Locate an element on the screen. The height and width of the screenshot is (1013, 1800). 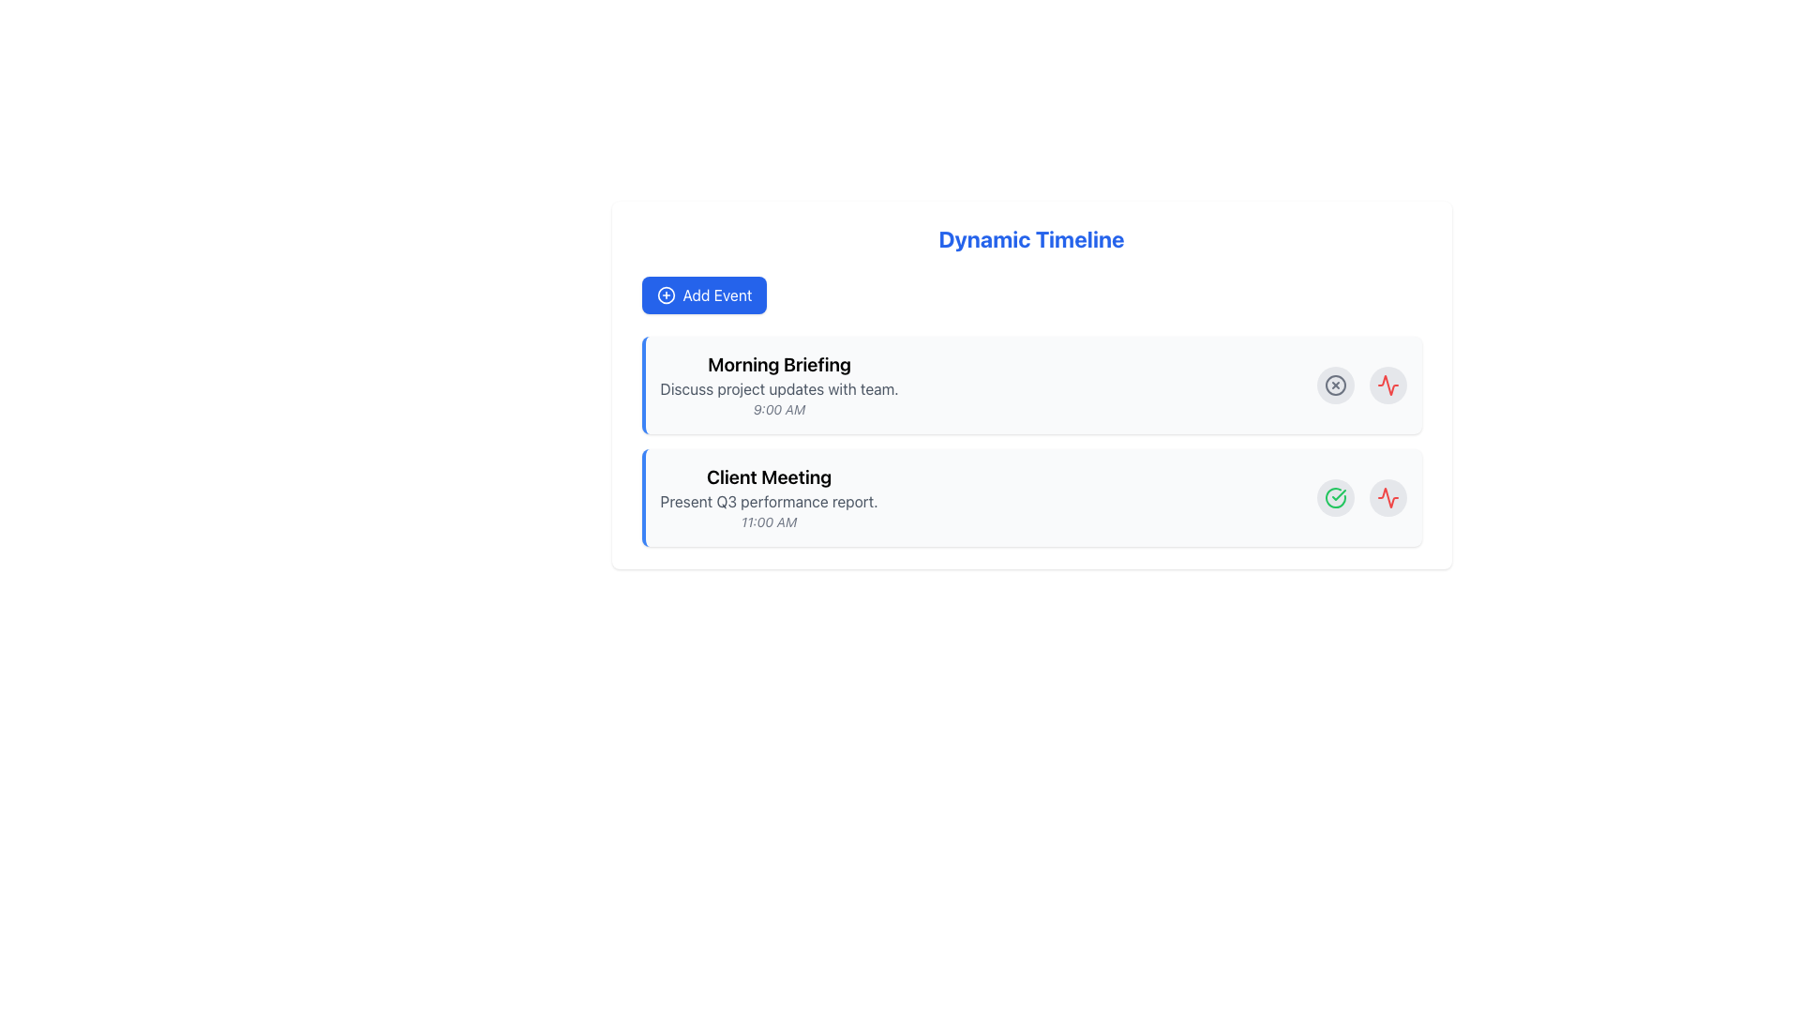
the bold text label 'Morning Briefing' that is prominently displayed at the top of a white rectangular card, which is the first in a vertical stack of similar cards is located at coordinates (779, 365).